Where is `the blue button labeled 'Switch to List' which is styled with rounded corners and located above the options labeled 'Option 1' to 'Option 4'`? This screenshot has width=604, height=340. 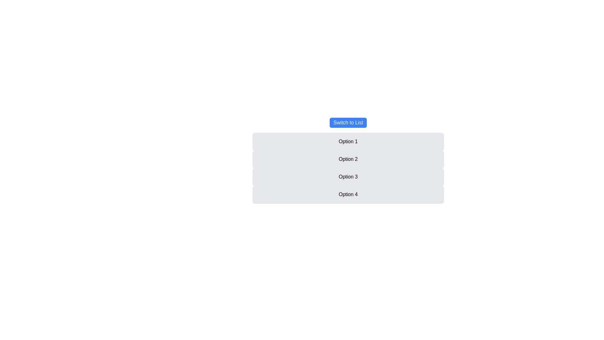
the blue button labeled 'Switch to List' which is styled with rounded corners and located above the options labeled 'Option 1' to 'Option 4' is located at coordinates (348, 122).